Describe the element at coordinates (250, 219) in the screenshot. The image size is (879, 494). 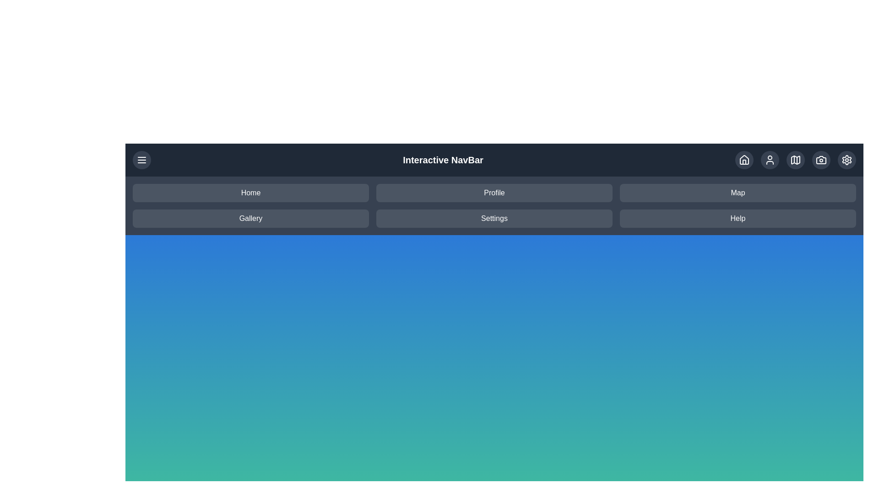
I see `the menu item labeled Gallery` at that location.